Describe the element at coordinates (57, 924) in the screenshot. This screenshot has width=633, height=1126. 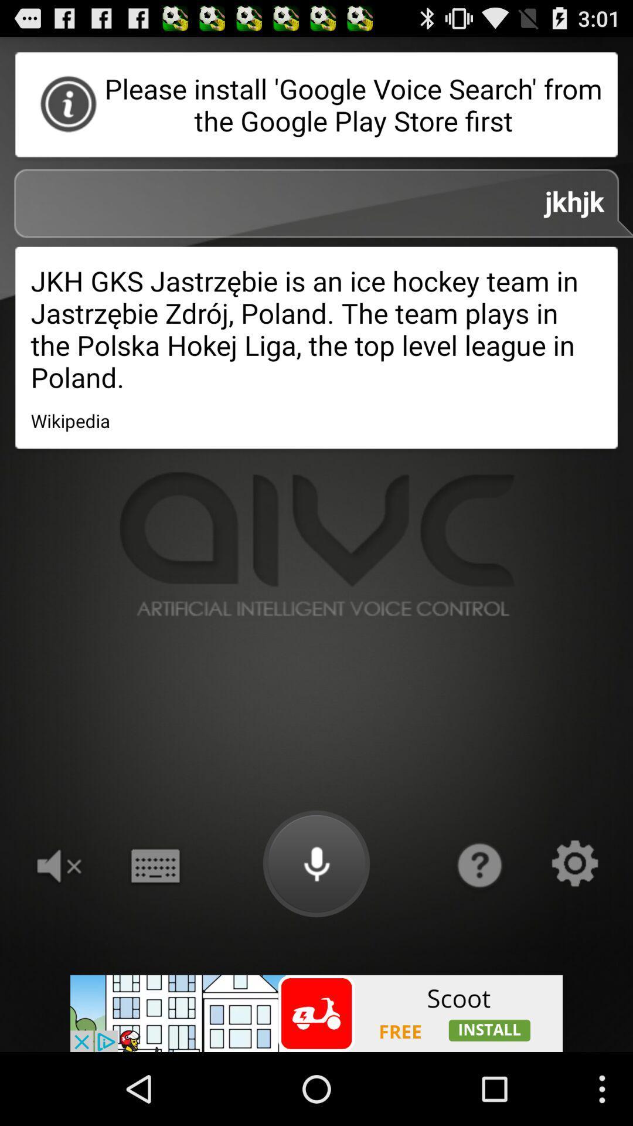
I see `the volume icon` at that location.